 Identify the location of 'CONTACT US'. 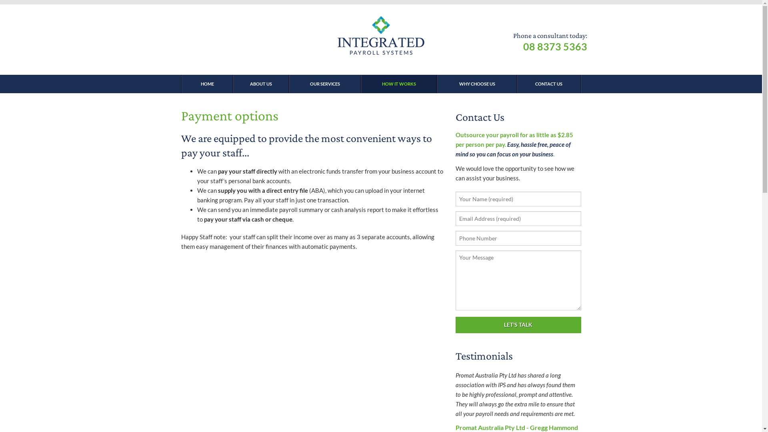
(548, 84).